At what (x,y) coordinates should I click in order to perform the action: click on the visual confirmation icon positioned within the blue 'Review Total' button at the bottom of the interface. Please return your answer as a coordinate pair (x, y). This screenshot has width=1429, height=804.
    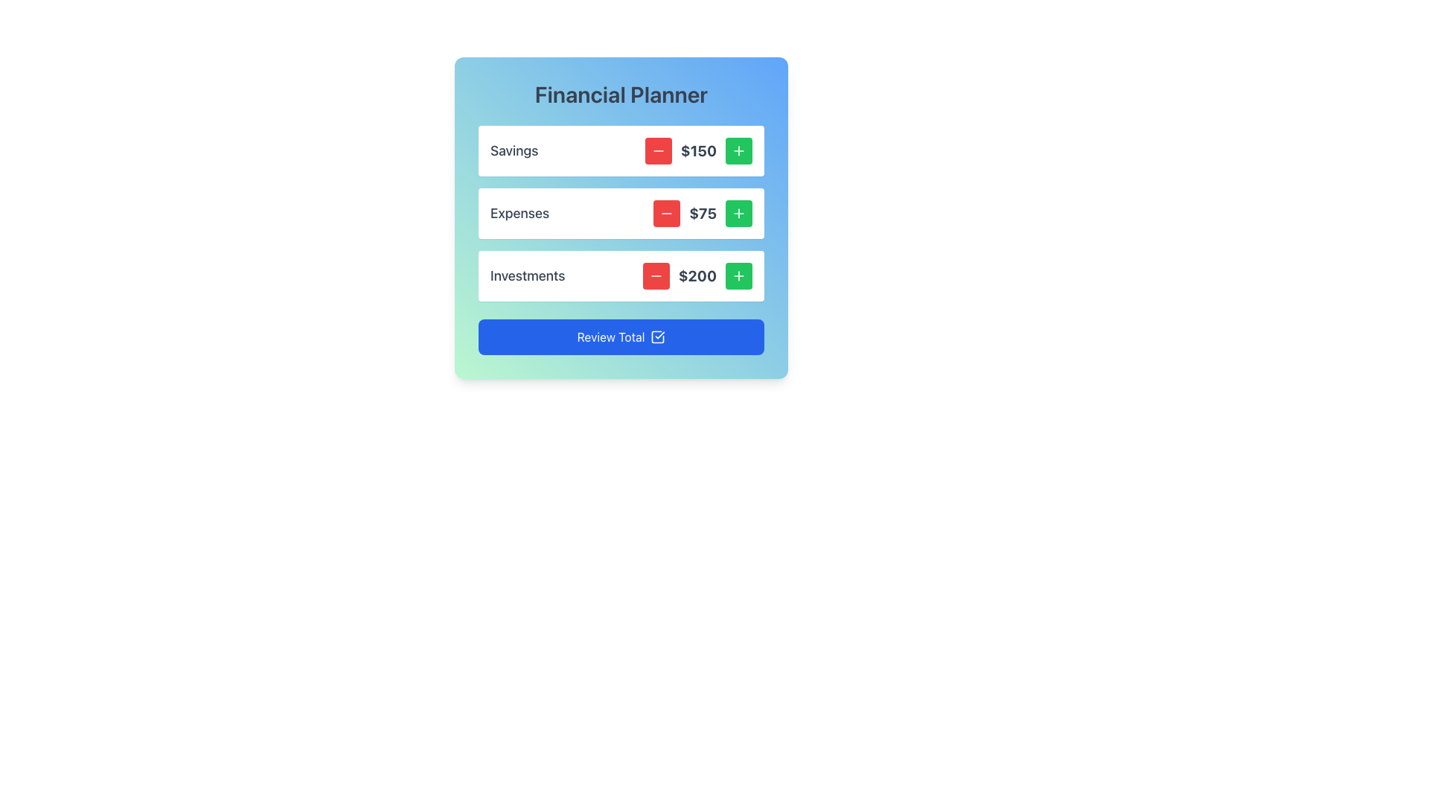
    Looking at the image, I should click on (657, 336).